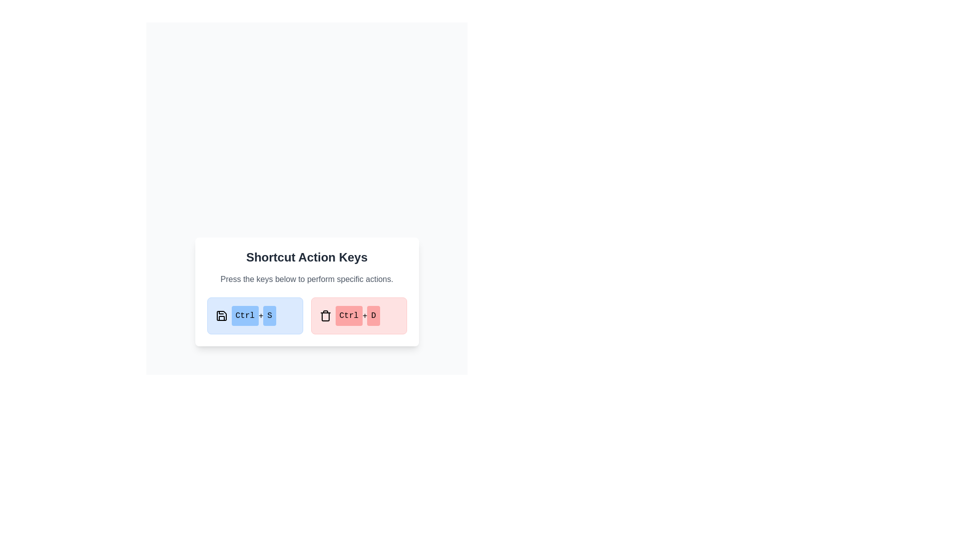 The height and width of the screenshot is (539, 959). I want to click on the rounded rectangular button with a red background and black text 'D', which is part of the 'Ctrl+D' key representation, so click(373, 315).